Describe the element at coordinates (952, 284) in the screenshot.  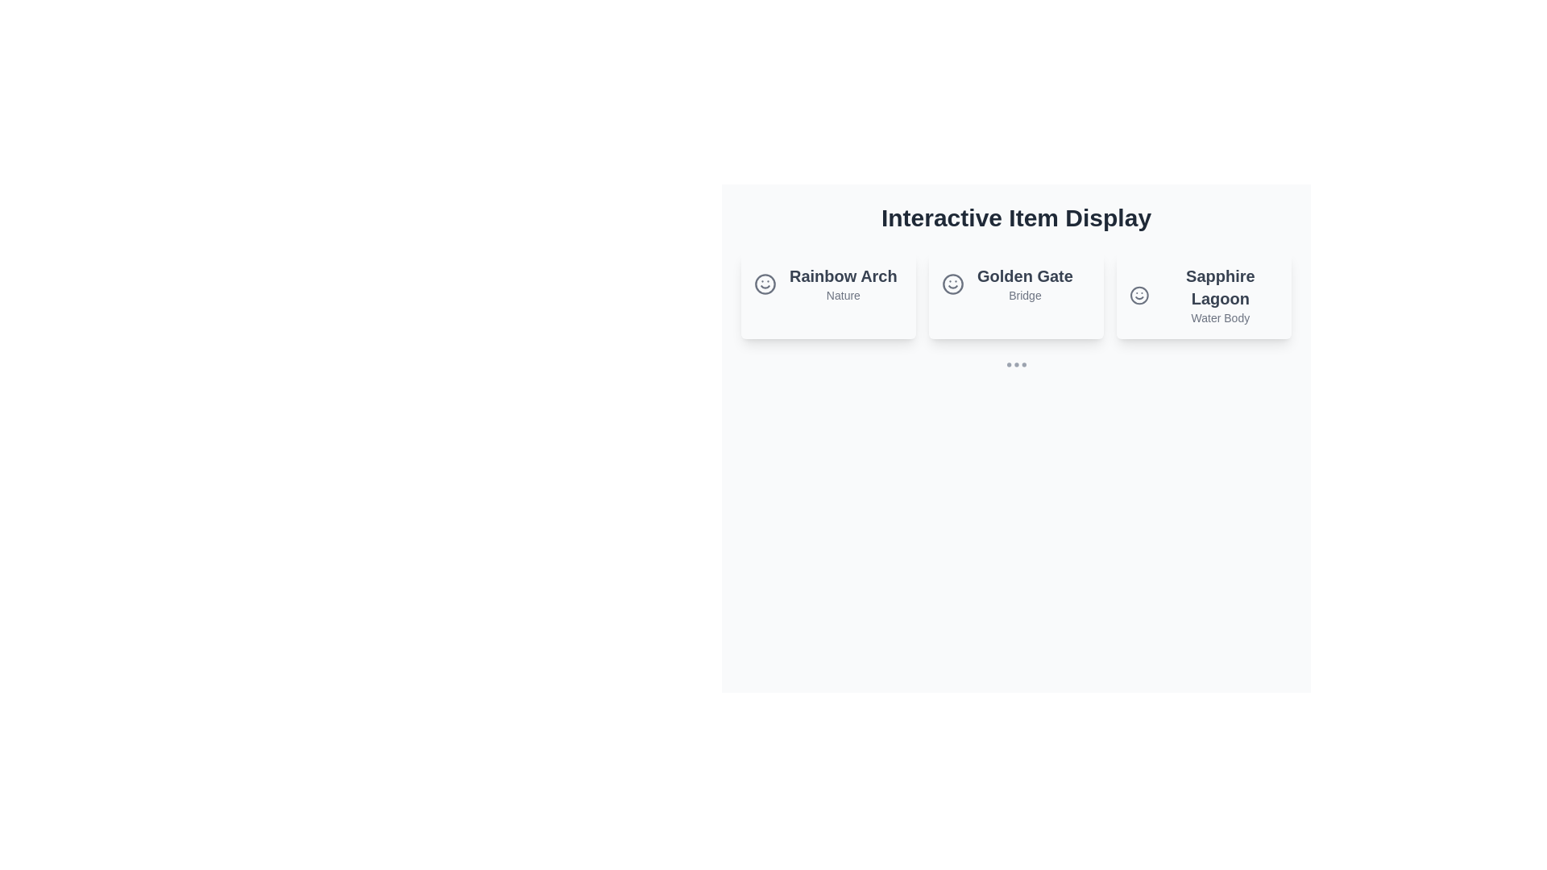
I see `the circular icon representing a face with a gray outline, located in the second card from the left under 'Interactive Item Display'` at that location.